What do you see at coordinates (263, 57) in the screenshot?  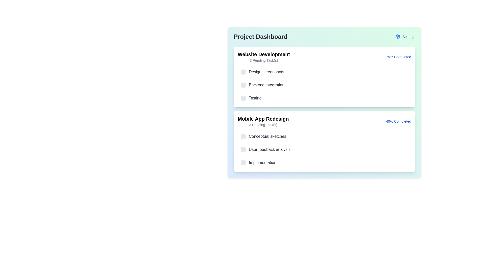 I see `the Informational label containing 'Website Development' and '3 Pending Task(s)' text, located in the Project Dashboard section` at bounding box center [263, 57].